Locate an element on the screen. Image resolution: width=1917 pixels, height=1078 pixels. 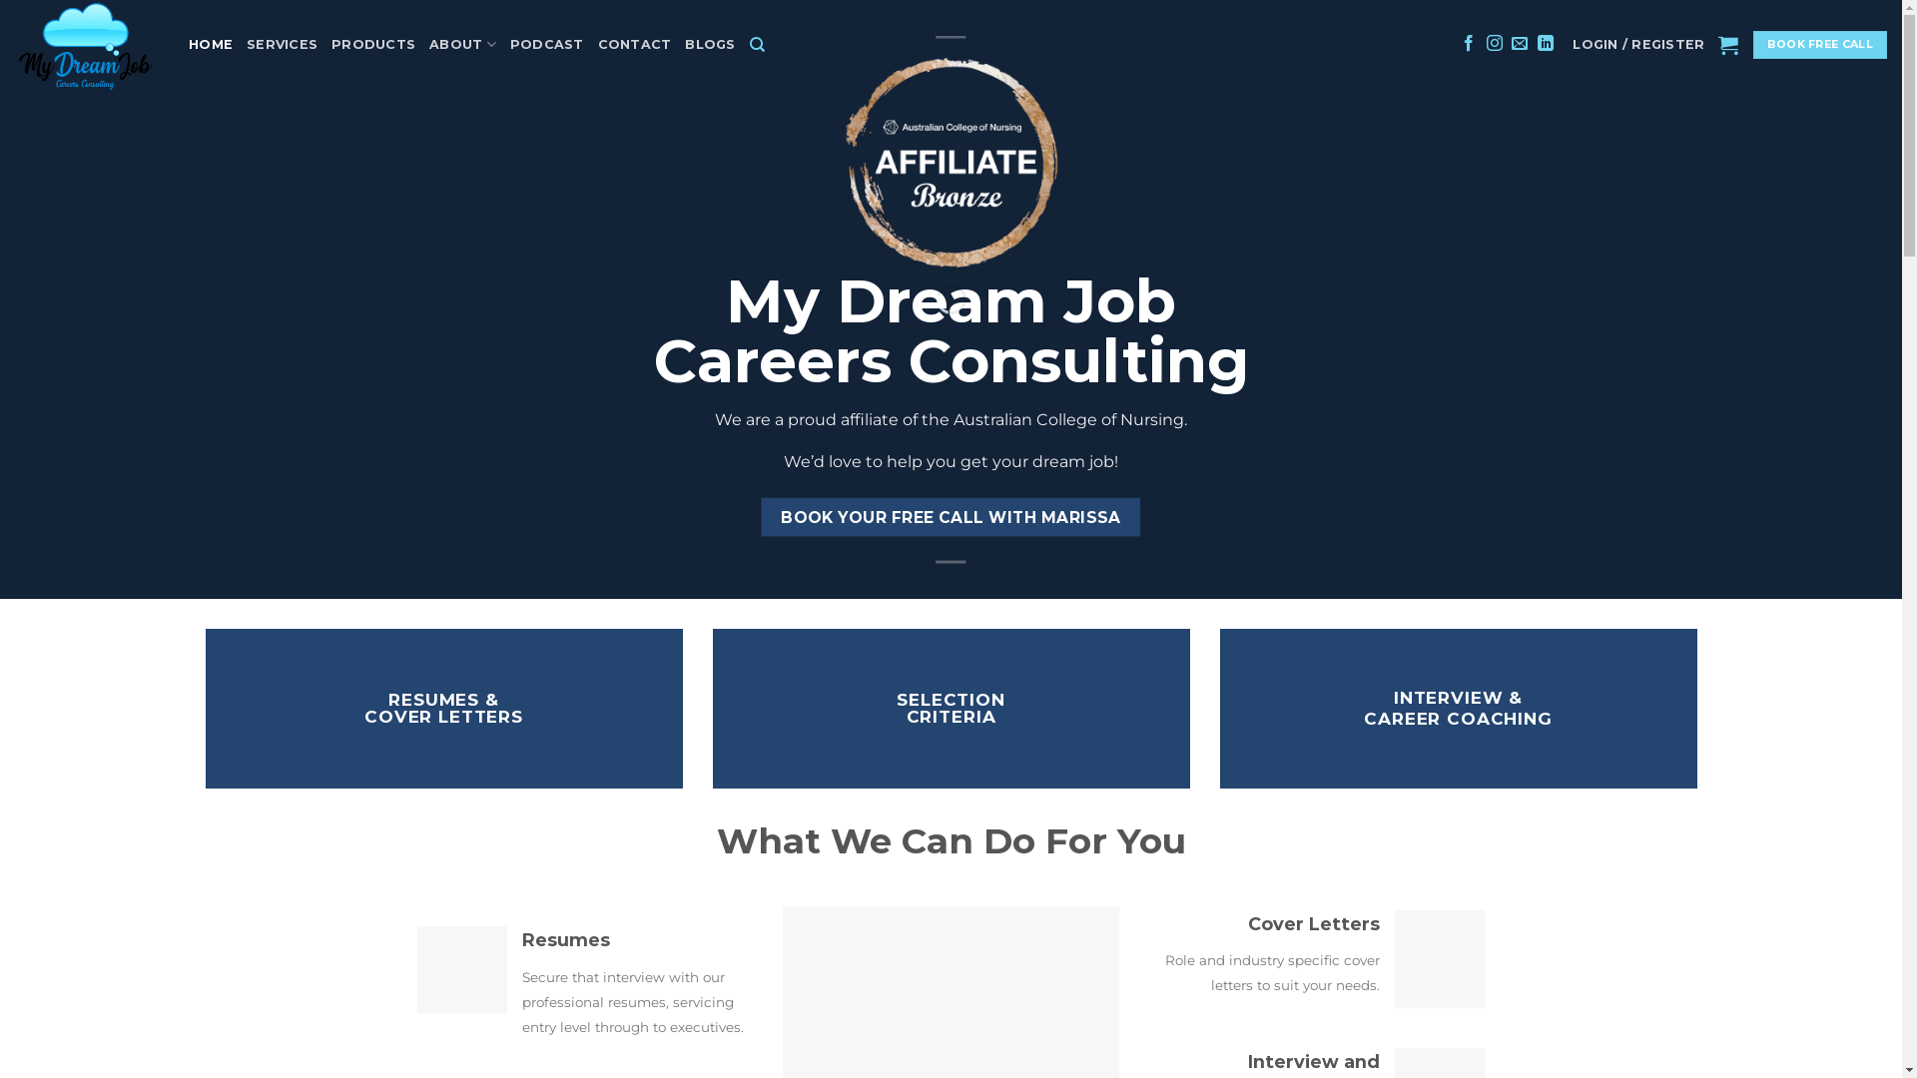
'SERVICES' is located at coordinates (281, 45).